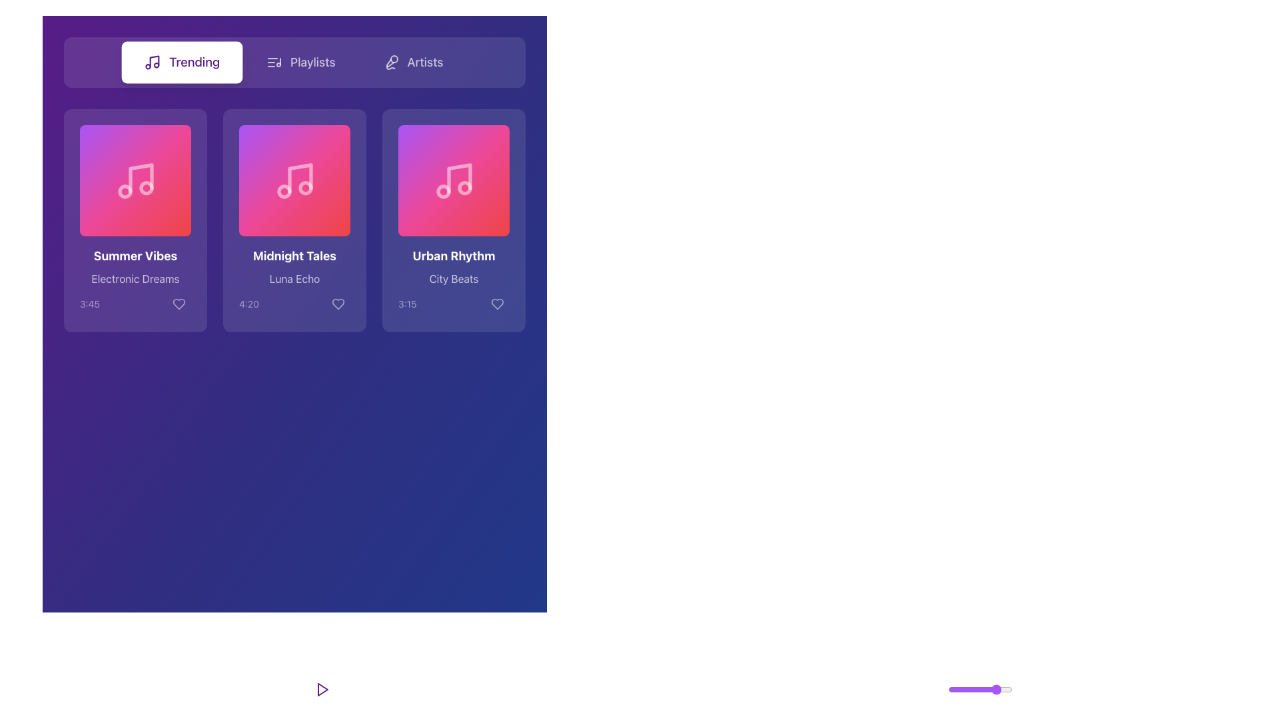 This screenshot has width=1279, height=719. I want to click on the heart icon button located at the bottom-right corner of the card representing the track 'Midnight Tales' by Luna Echo to favorite the track, so click(338, 304).